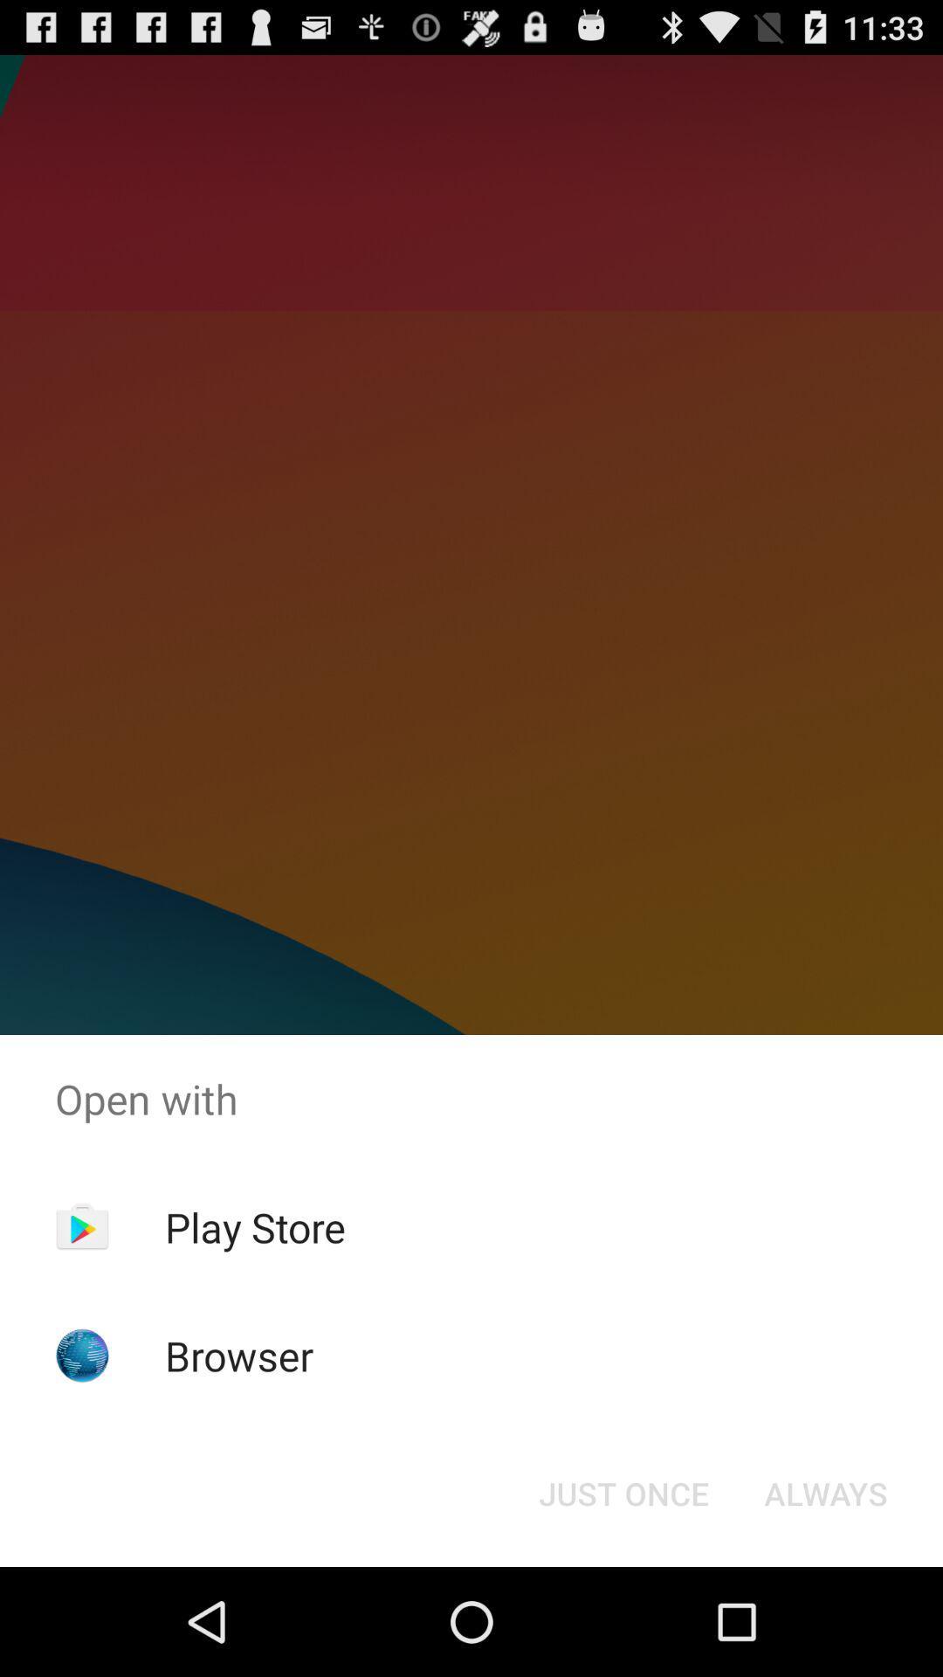 The height and width of the screenshot is (1677, 943). What do you see at coordinates (623, 1492) in the screenshot?
I see `the just once` at bounding box center [623, 1492].